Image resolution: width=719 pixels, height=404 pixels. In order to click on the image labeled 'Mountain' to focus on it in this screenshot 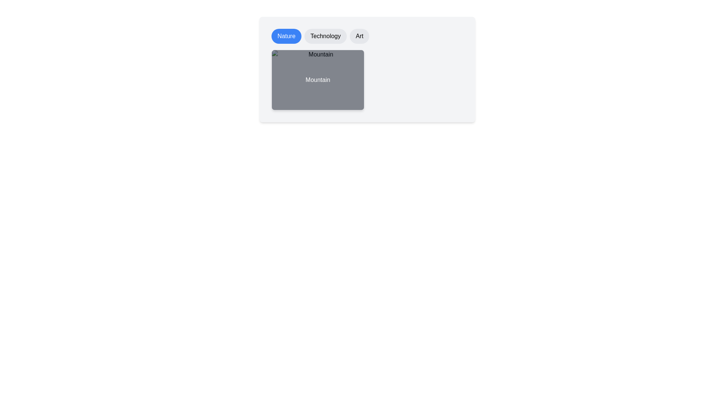, I will do `click(318, 80)`.